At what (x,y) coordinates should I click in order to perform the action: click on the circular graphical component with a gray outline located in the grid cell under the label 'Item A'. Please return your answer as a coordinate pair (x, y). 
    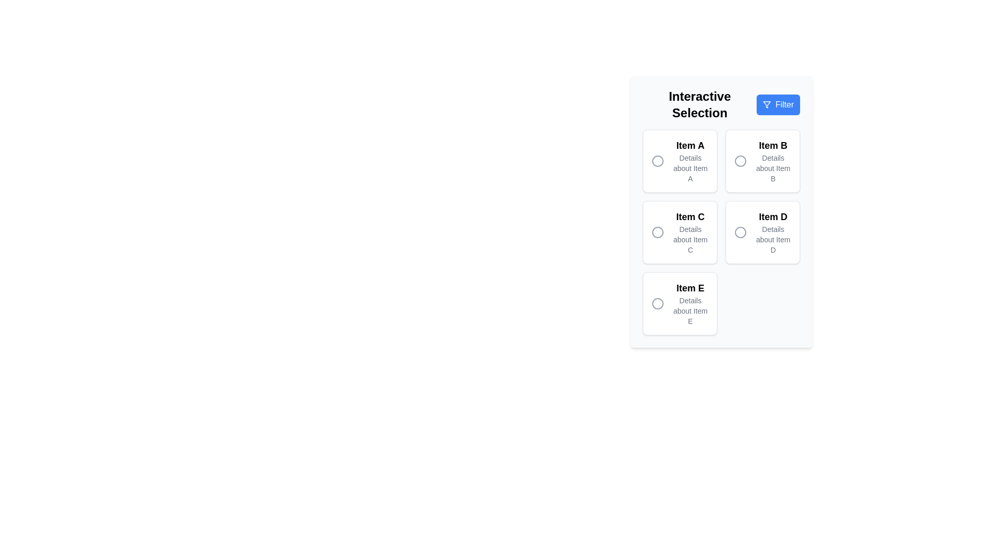
    Looking at the image, I should click on (657, 161).